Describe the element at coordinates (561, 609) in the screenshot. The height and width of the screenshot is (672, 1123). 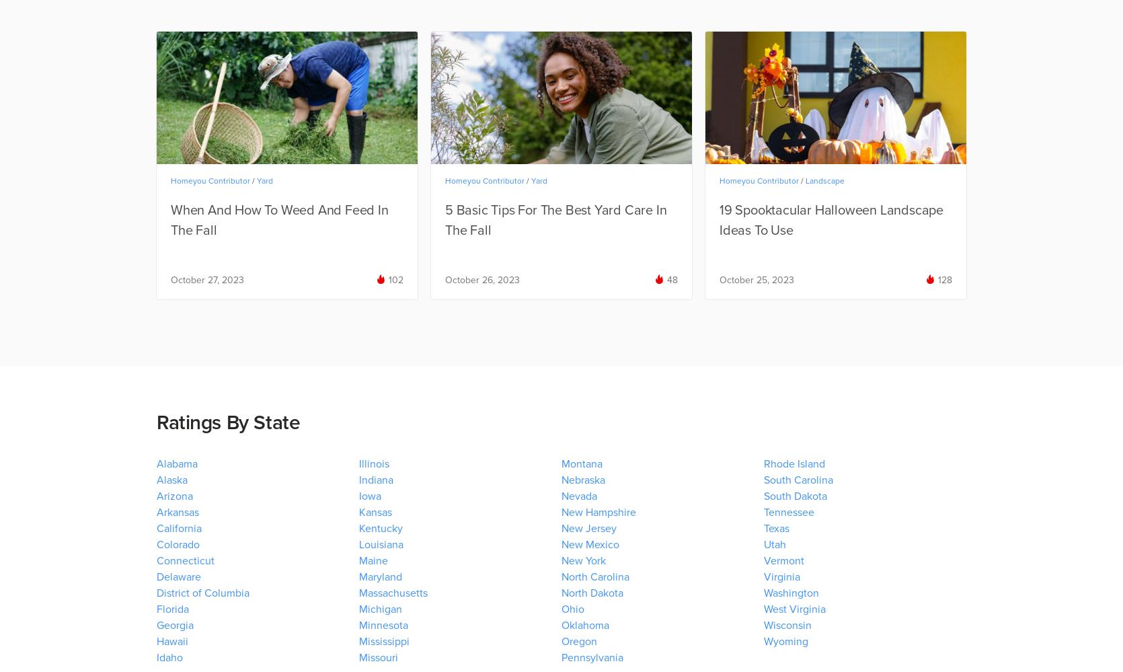
I see `'Ohio'` at that location.